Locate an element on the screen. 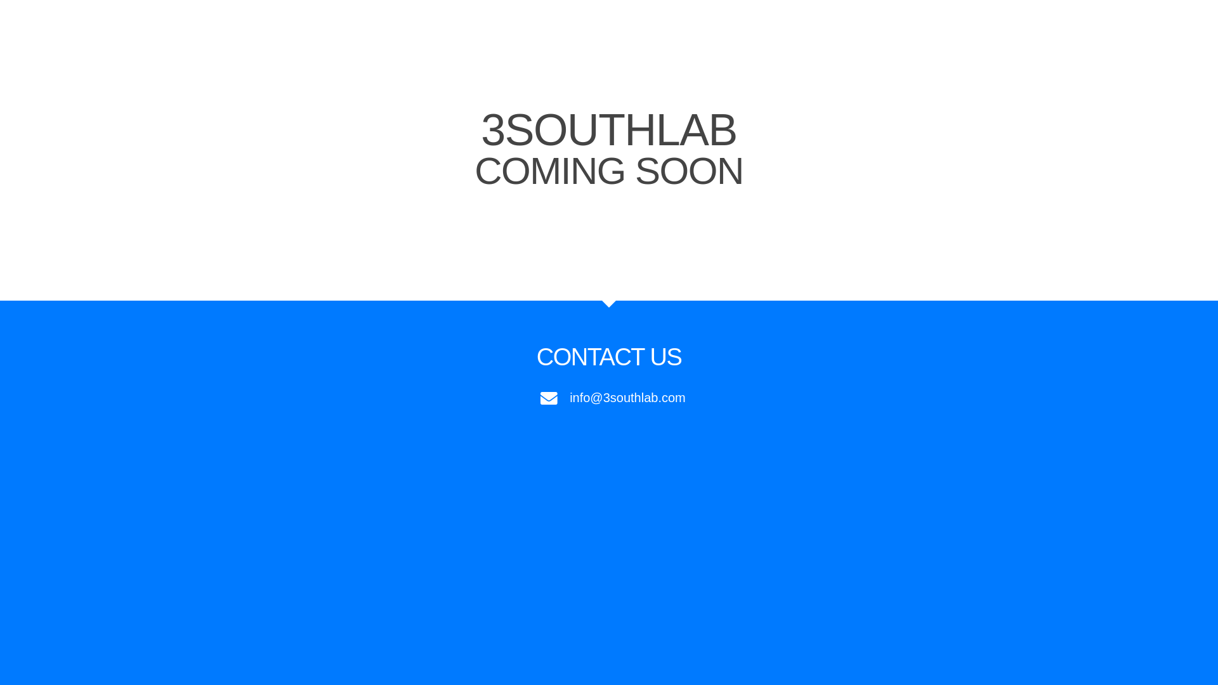  'info@3southlab.com' is located at coordinates (609, 397).